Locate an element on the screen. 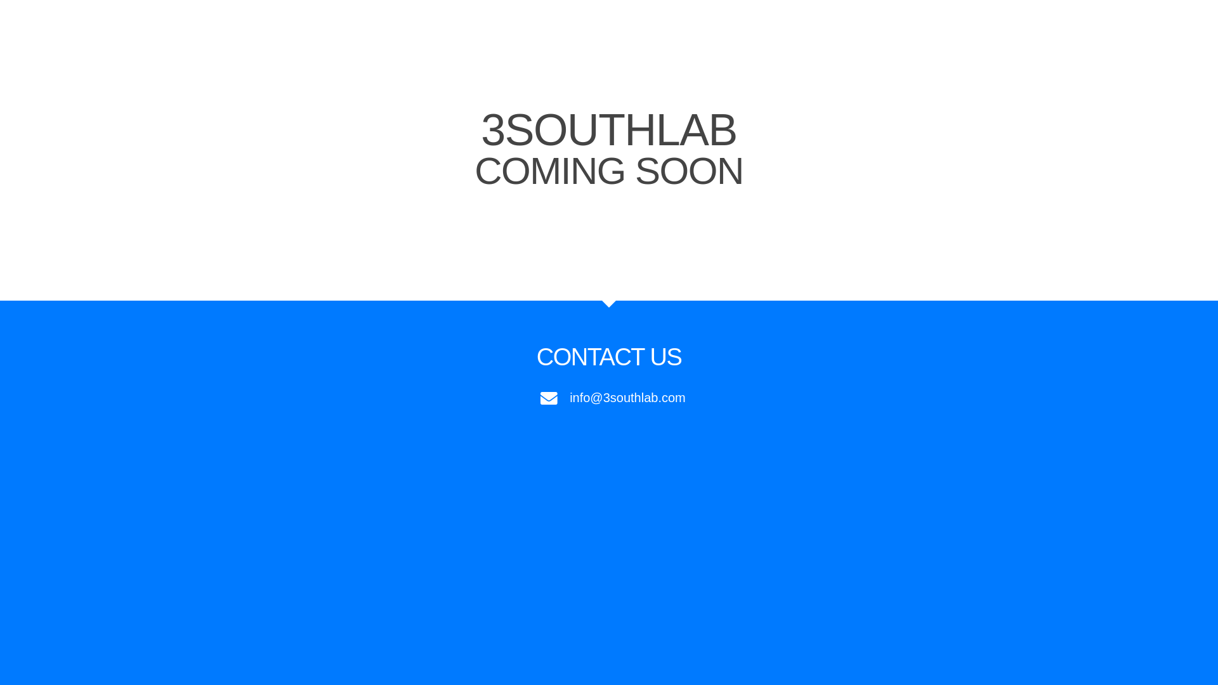  'info@3southlab.com' is located at coordinates (609, 397).